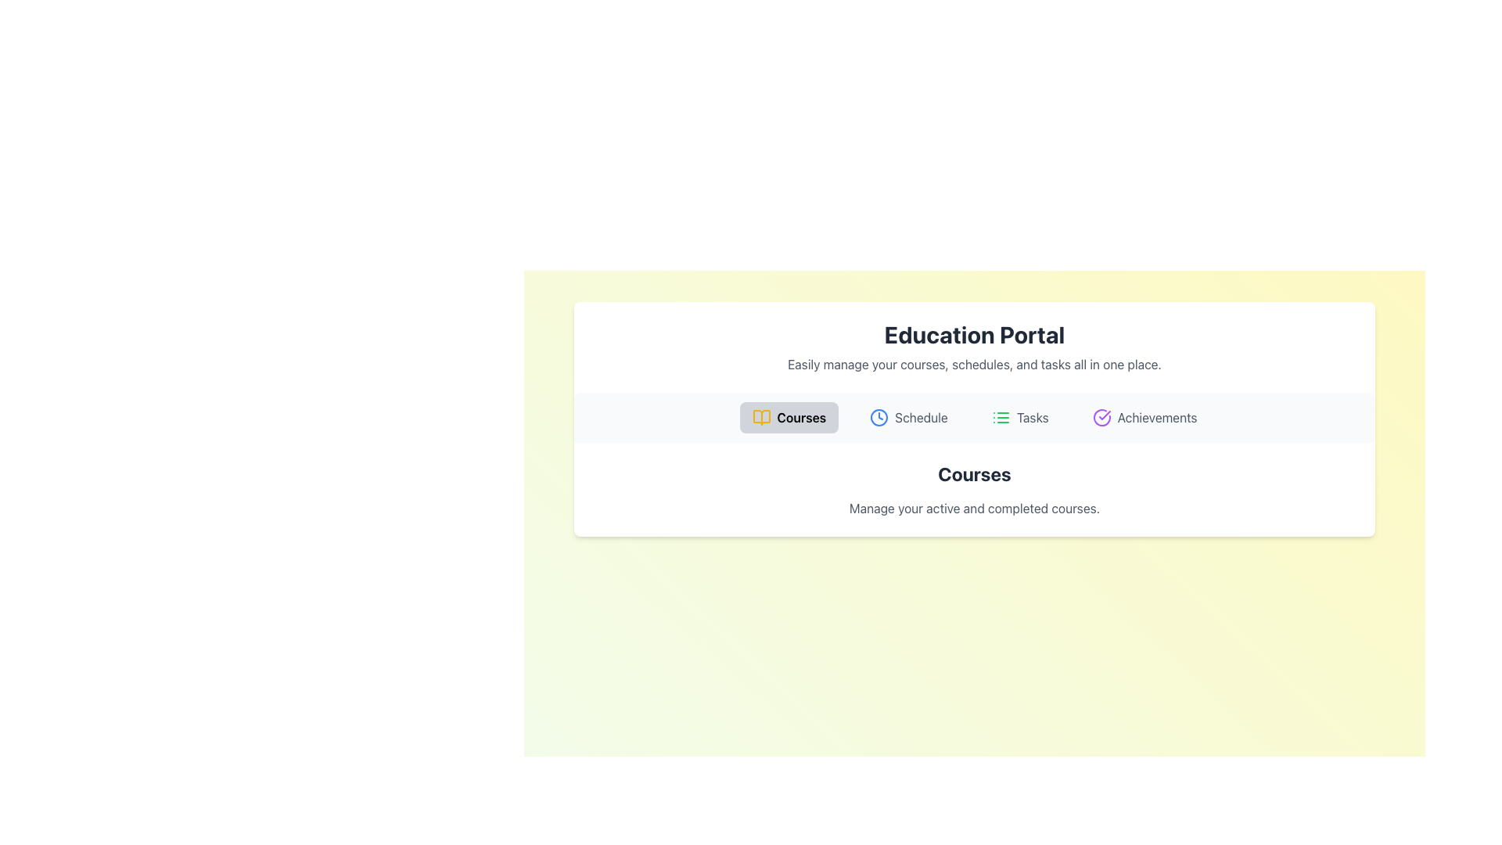 The width and height of the screenshot is (1502, 845). I want to click on the icon representing the 'Tasks' section located to the left of the 'Tasks' text in the menu bar to interact with the Tasks section, so click(1000, 416).